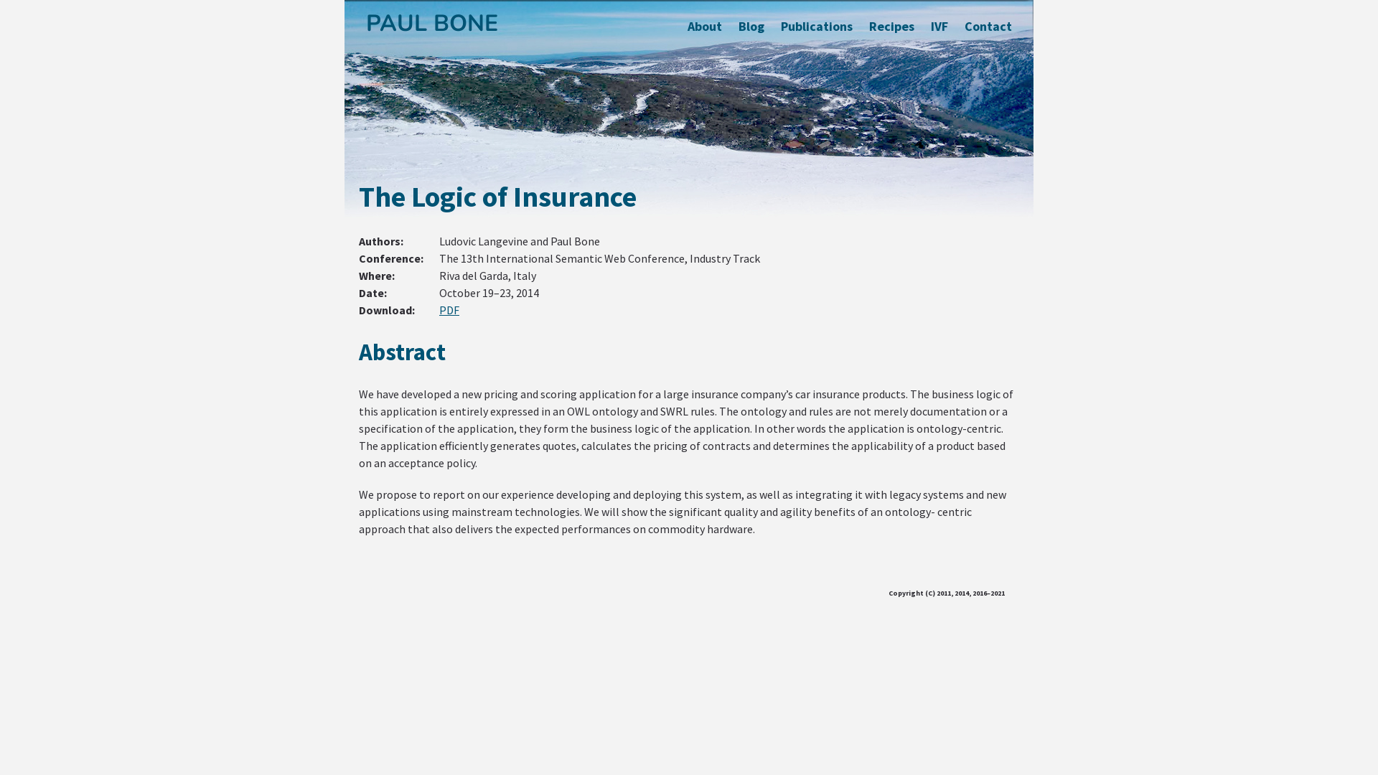 This screenshot has width=1378, height=775. I want to click on 'Recipes', so click(891, 26).